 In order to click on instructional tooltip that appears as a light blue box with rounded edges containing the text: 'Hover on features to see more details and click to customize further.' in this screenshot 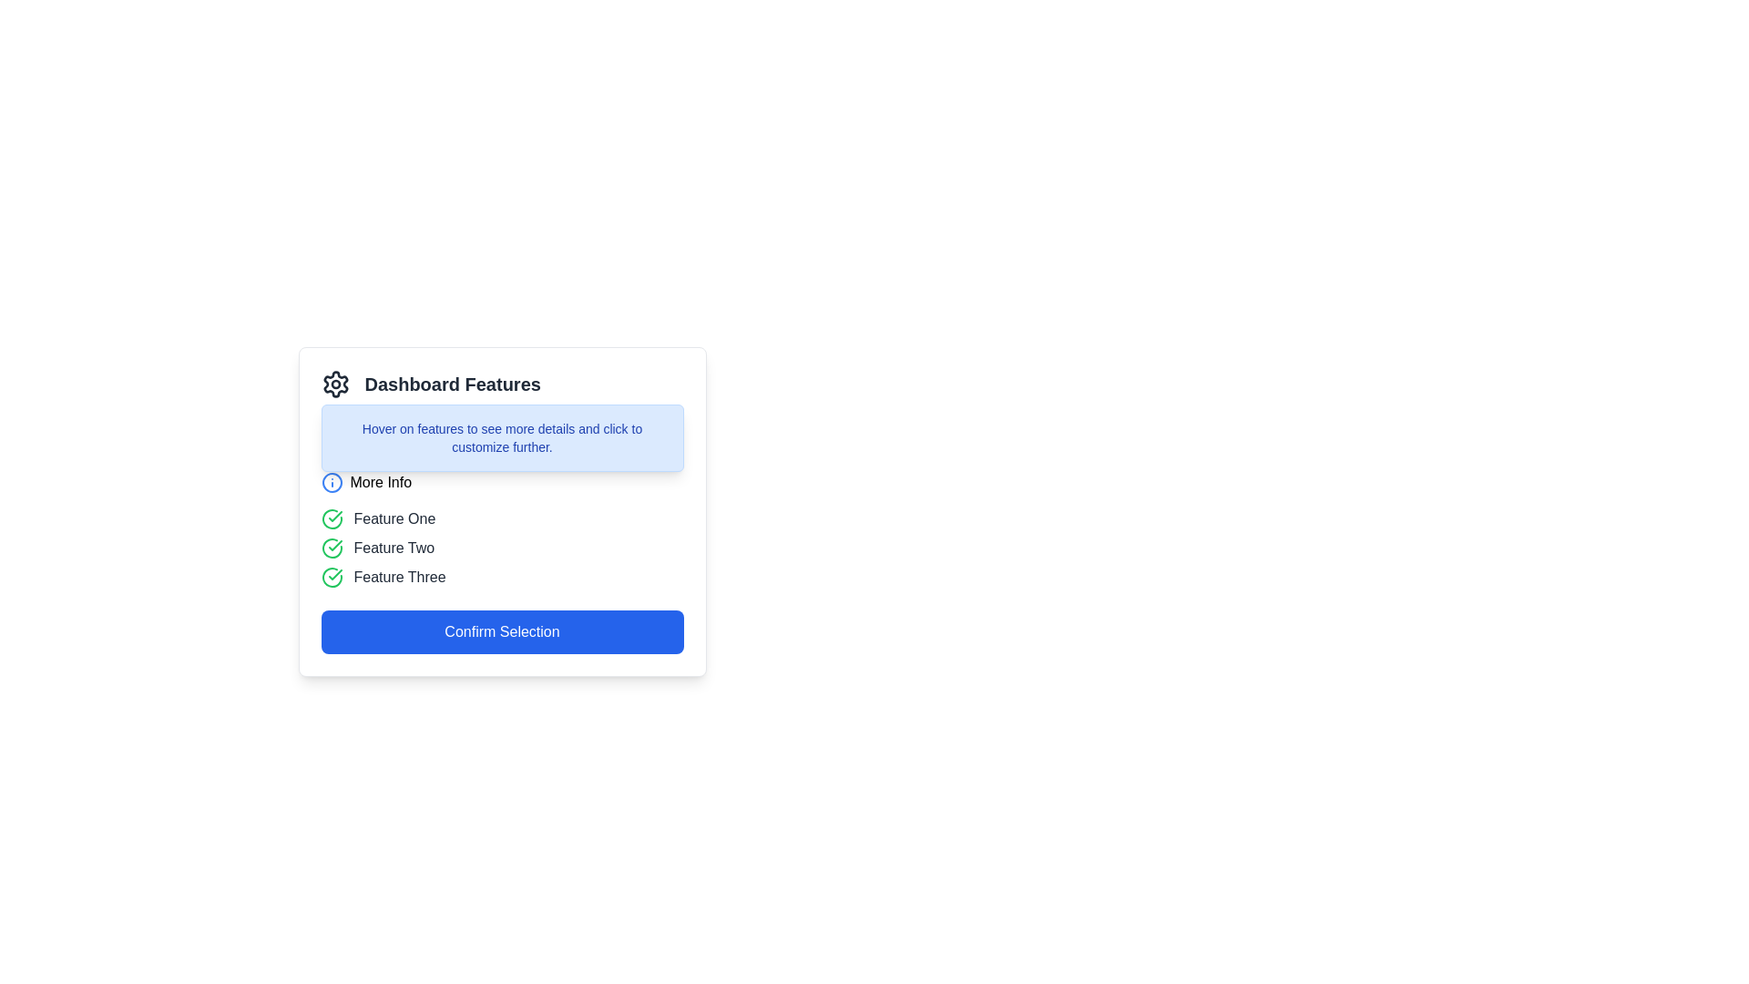, I will do `click(502, 438)`.